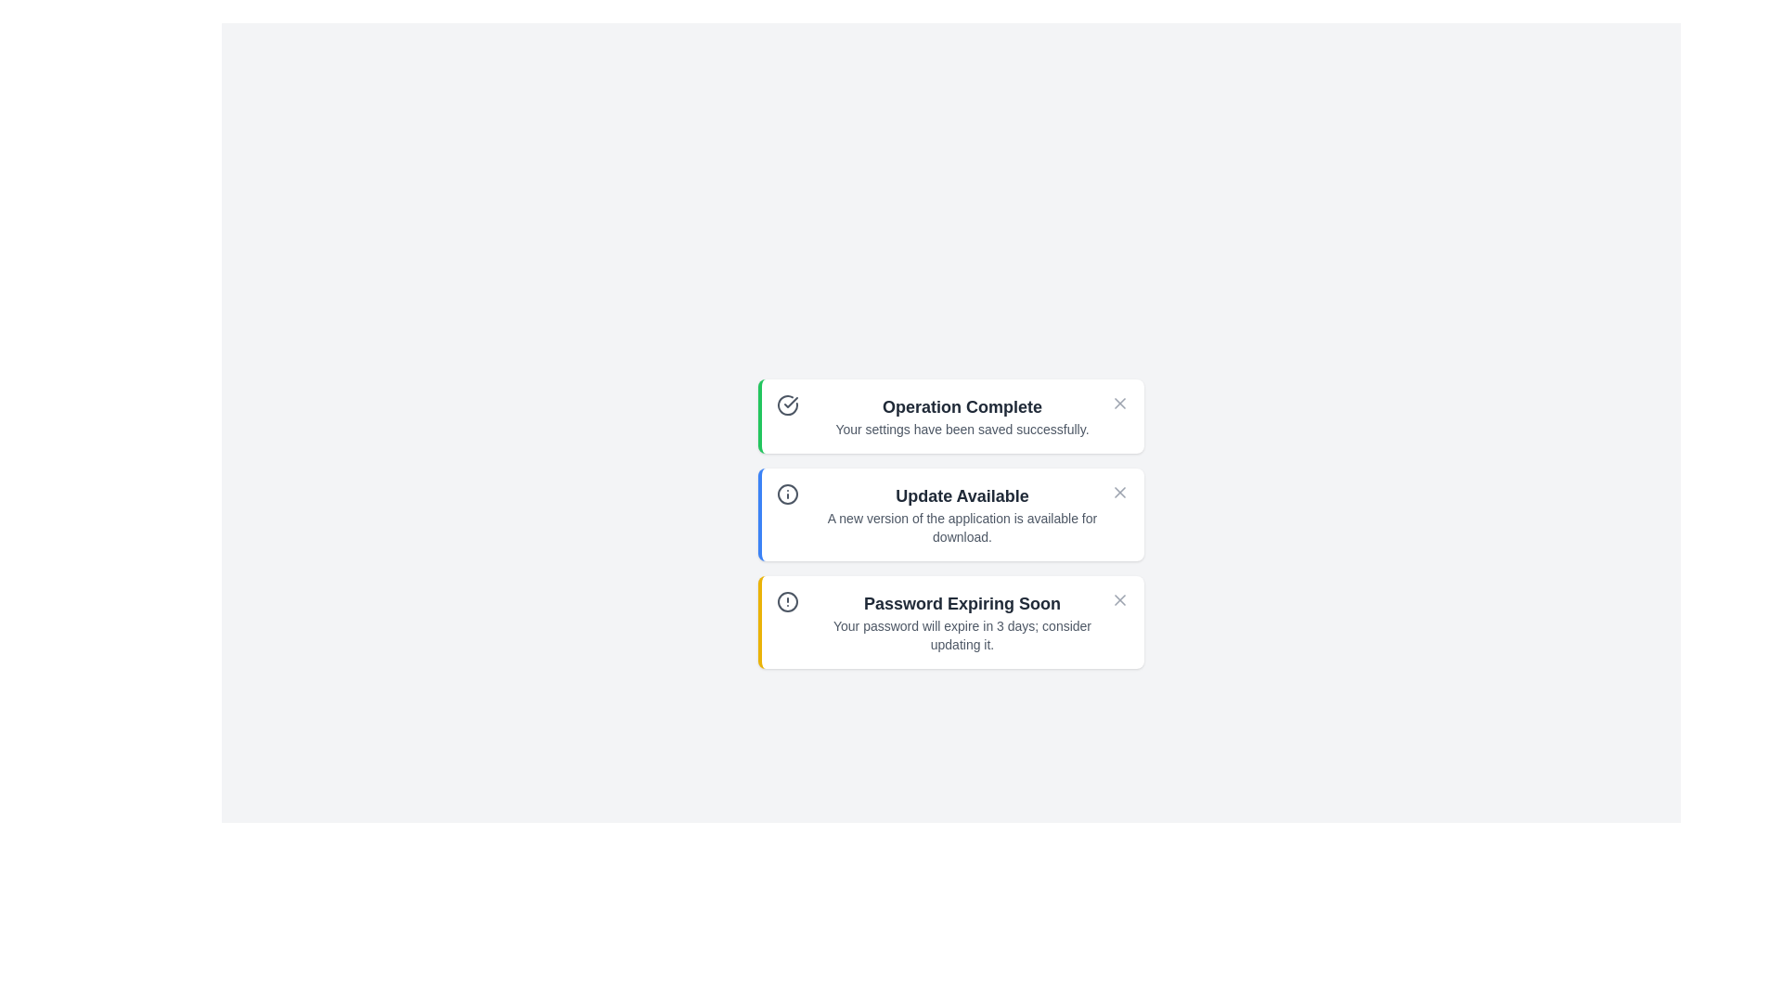 This screenshot has width=1782, height=1002. I want to click on text from the Informational Message which indicates successful settings update, located at the uppermost position in the vertical stack with a green left margin, so click(962, 415).